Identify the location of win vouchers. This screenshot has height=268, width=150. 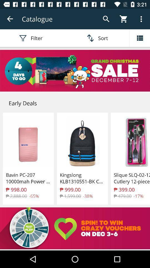
(75, 228).